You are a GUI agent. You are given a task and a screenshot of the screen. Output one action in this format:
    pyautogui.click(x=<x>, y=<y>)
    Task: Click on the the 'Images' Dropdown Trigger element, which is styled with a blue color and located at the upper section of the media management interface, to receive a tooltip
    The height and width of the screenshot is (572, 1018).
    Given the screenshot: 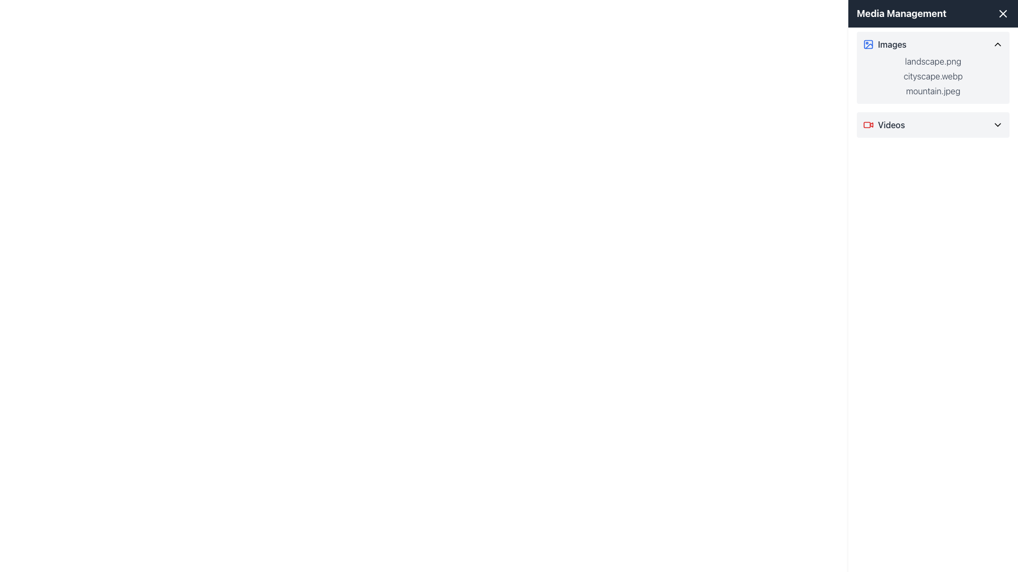 What is the action you would take?
    pyautogui.click(x=933, y=44)
    